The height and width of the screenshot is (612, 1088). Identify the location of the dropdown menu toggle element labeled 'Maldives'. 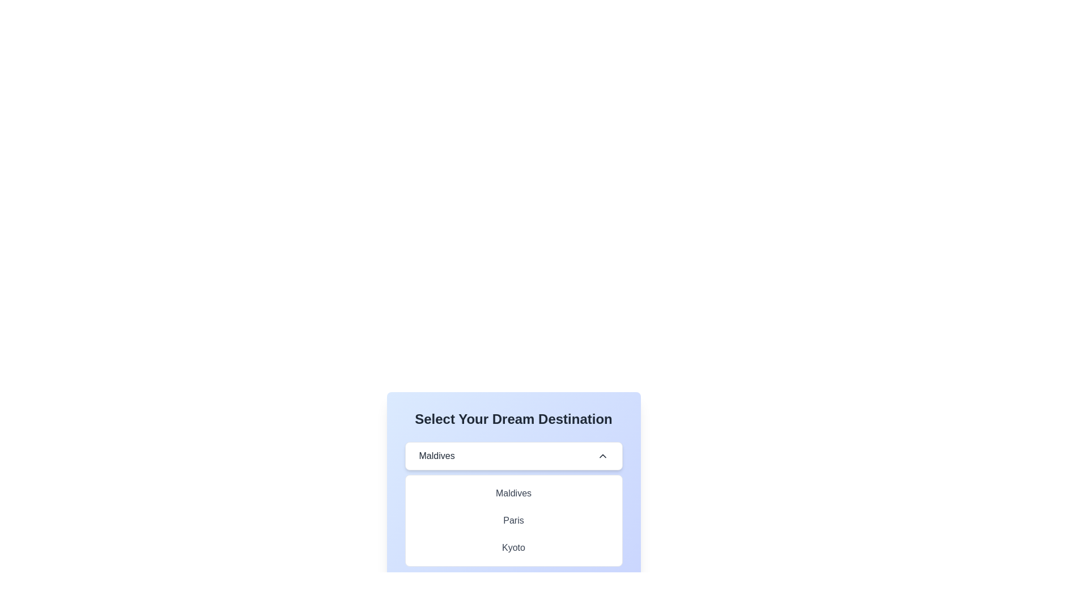
(513, 456).